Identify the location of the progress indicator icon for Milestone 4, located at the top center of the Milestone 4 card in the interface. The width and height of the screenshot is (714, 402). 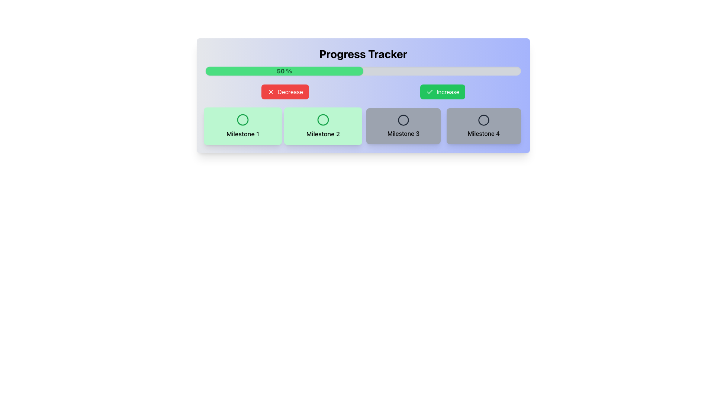
(483, 120).